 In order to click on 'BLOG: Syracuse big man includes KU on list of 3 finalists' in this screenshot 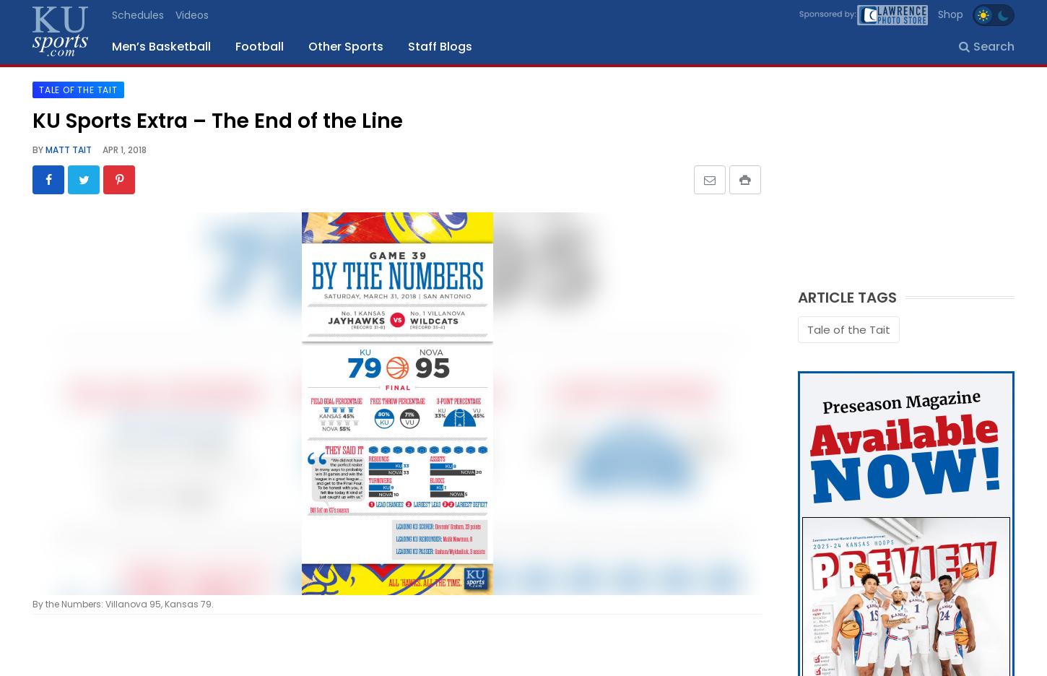, I will do `click(416, 360)`.